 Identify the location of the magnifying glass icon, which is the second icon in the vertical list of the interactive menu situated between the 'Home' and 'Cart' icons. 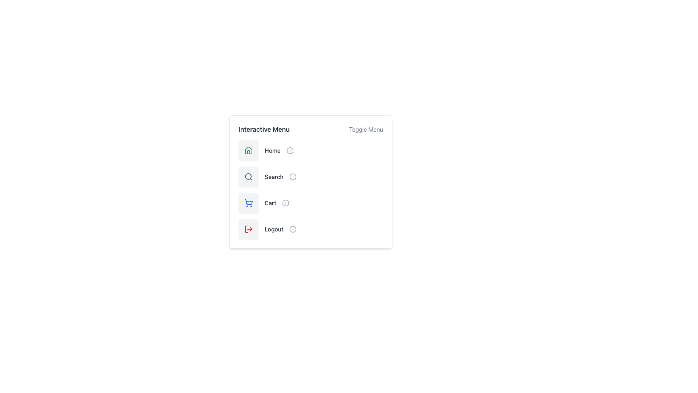
(249, 177).